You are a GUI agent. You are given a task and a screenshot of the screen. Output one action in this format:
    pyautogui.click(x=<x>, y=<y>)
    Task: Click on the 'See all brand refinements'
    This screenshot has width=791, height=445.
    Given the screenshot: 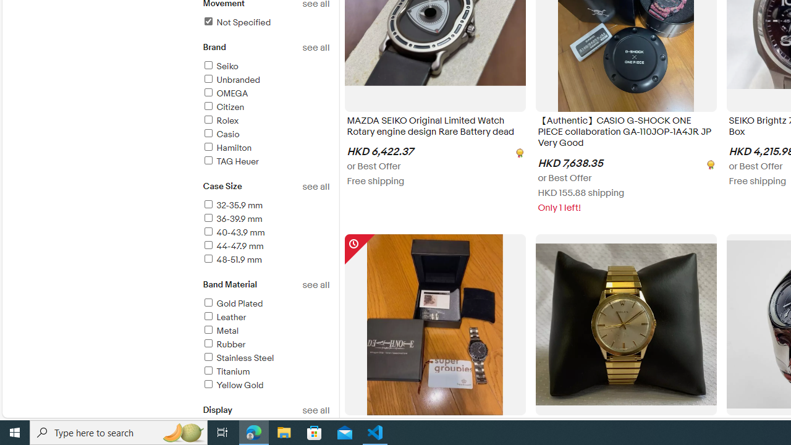 What is the action you would take?
    pyautogui.click(x=316, y=47)
    